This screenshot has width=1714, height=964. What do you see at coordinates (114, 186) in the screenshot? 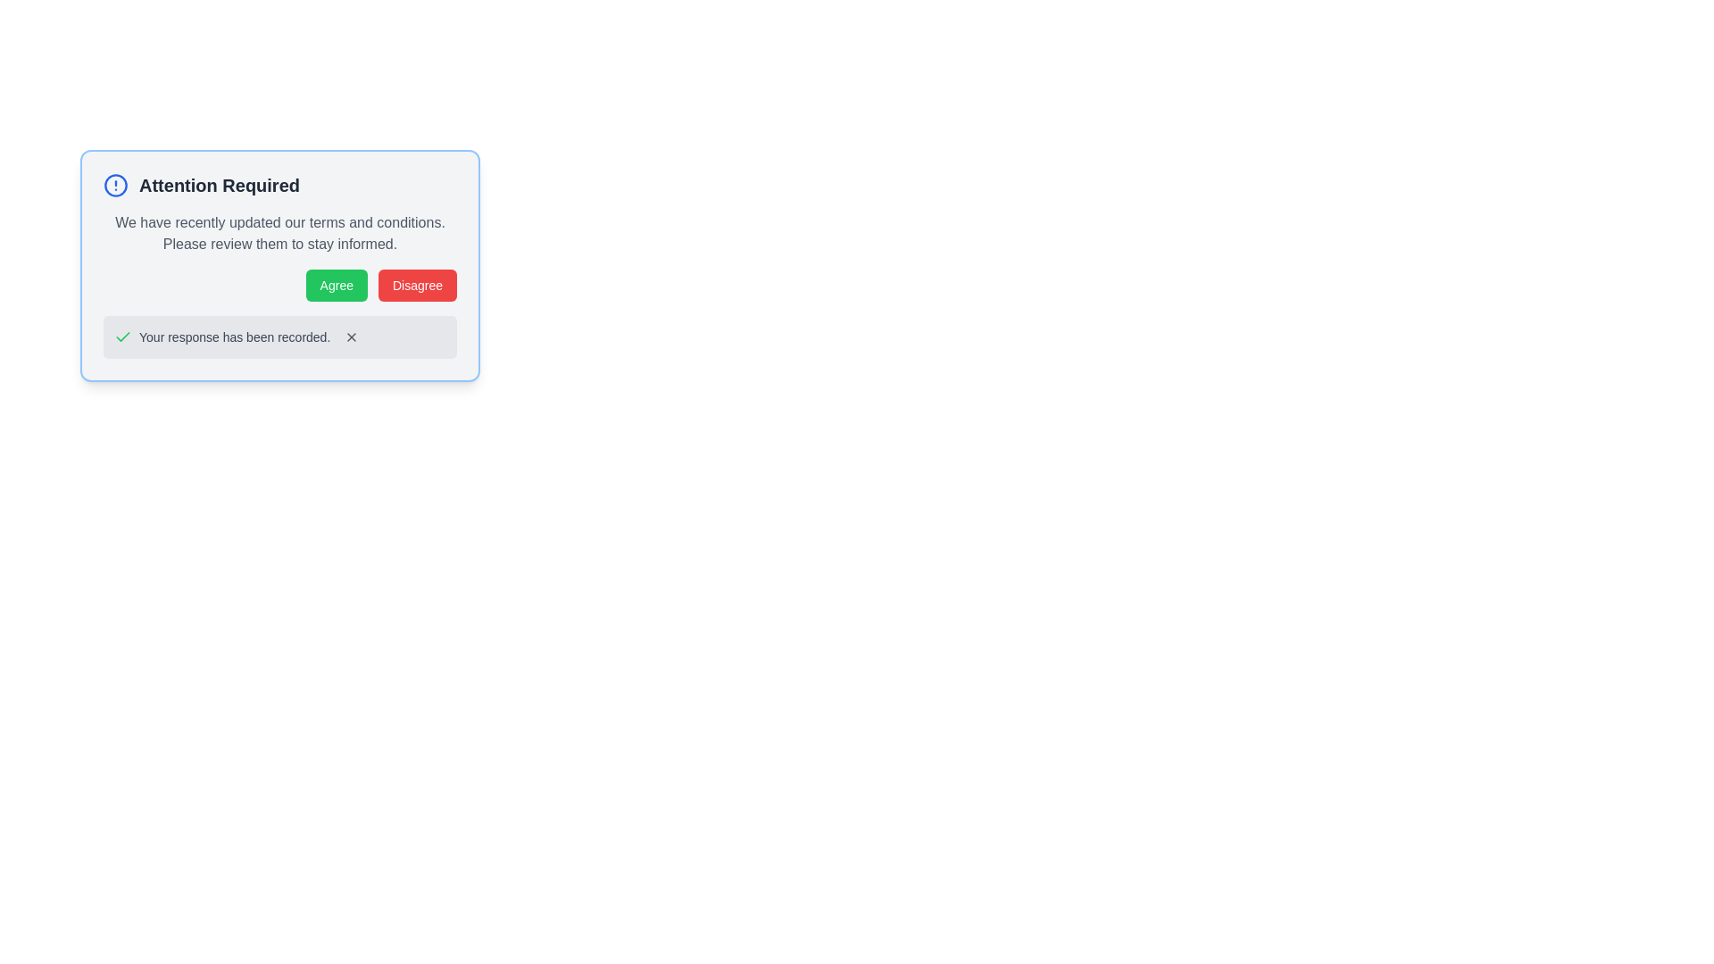
I see `the SVG Circle element that represents the alert icon in the 'Attention Required' dialog box to visually indicate a warning or alert` at bounding box center [114, 186].